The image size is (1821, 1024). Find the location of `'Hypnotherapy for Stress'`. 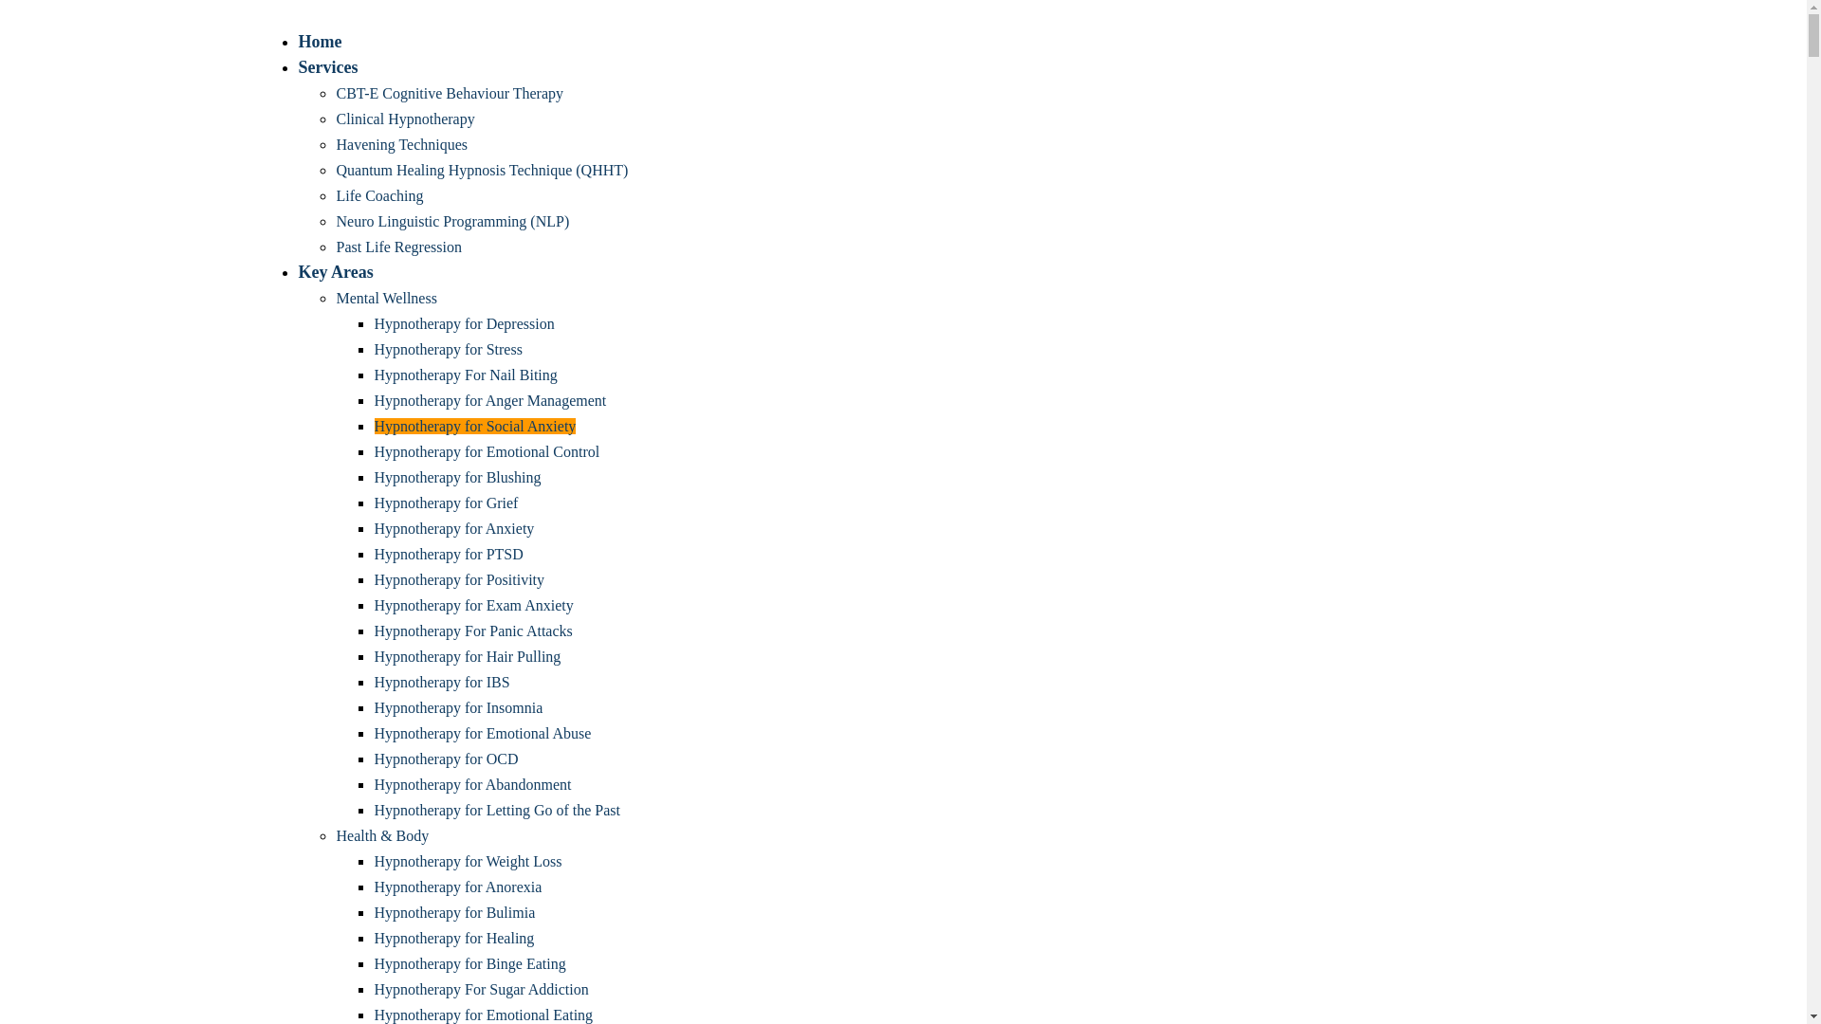

'Hypnotherapy for Stress' is located at coordinates (446, 349).